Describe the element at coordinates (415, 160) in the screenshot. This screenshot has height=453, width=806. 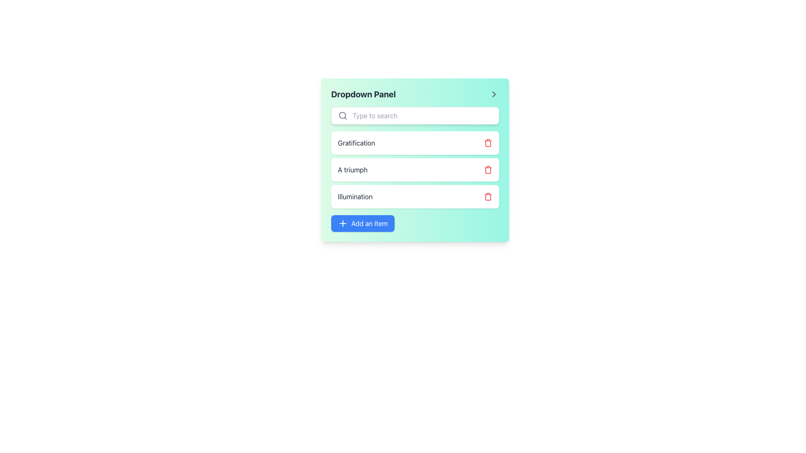
I see `the dropdown list item labeled 'A triumph' located between the panels 'Gratification' and 'Illumination'` at that location.